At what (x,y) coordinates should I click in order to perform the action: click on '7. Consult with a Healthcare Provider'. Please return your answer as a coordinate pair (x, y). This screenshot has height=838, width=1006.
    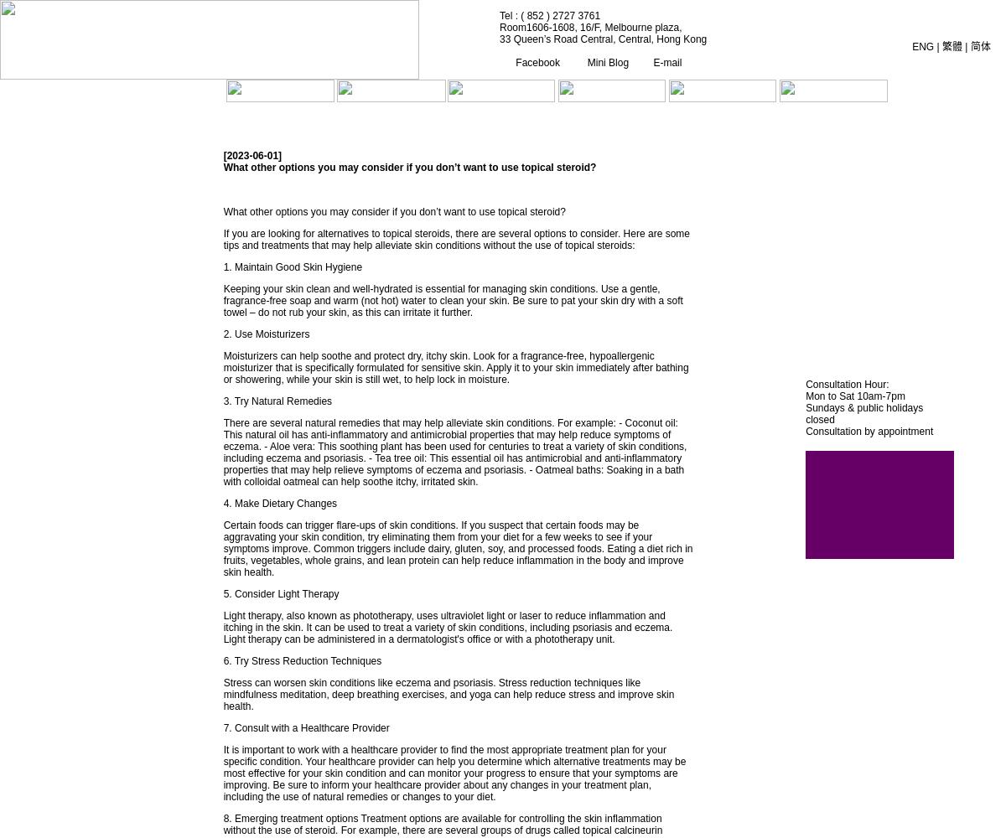
    Looking at the image, I should click on (306, 727).